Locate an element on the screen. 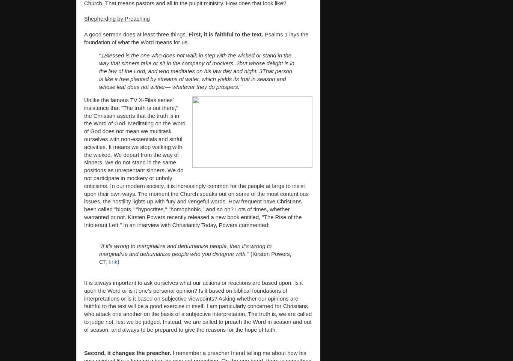 Image resolution: width=513 pixels, height=361 pixels. 'A good sermon does at least three things.' is located at coordinates (136, 34).